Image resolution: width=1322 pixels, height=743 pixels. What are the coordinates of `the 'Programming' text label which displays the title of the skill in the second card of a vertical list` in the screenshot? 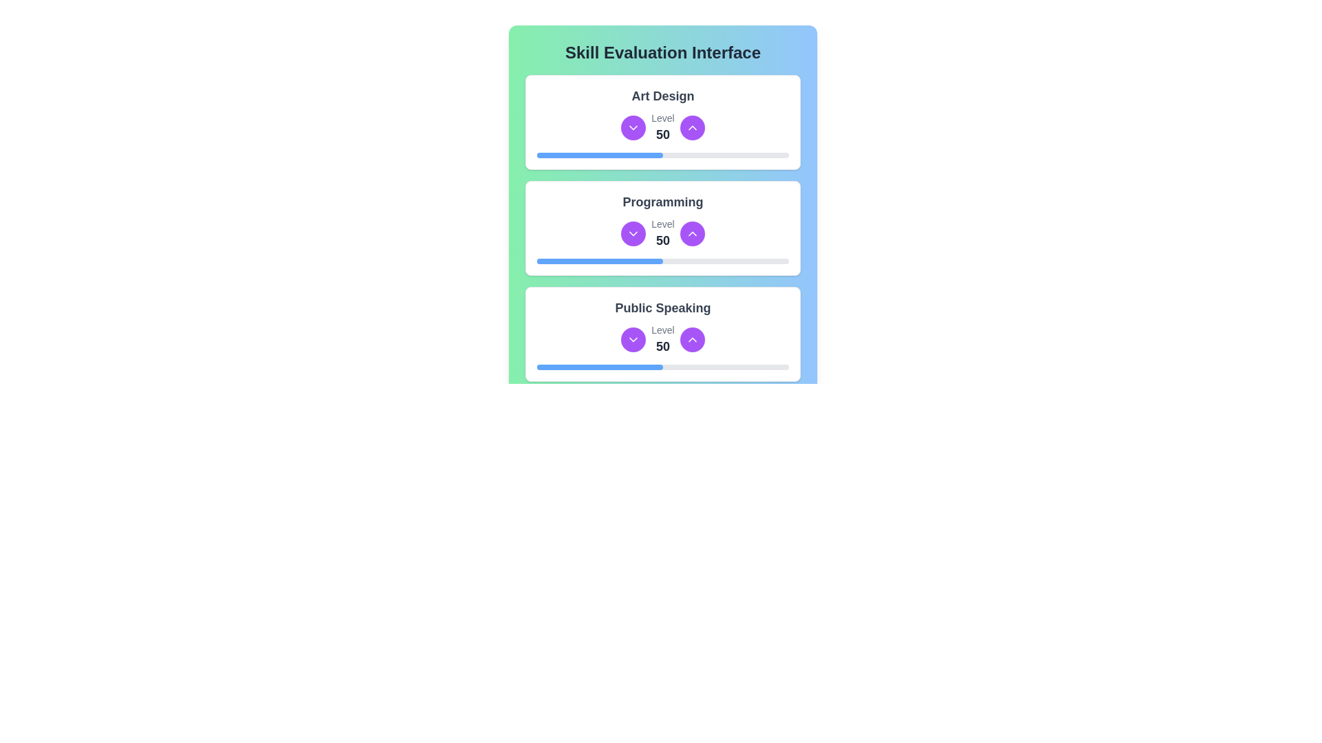 It's located at (663, 202).